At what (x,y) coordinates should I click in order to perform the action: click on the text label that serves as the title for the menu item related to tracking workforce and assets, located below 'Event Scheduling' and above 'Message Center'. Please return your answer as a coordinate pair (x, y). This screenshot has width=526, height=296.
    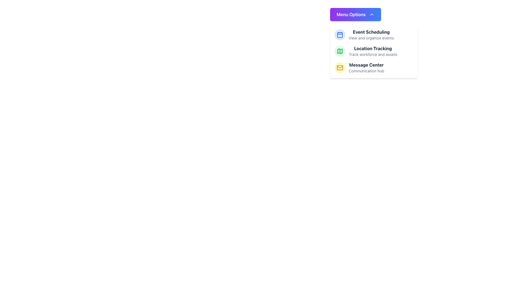
    Looking at the image, I should click on (373, 48).